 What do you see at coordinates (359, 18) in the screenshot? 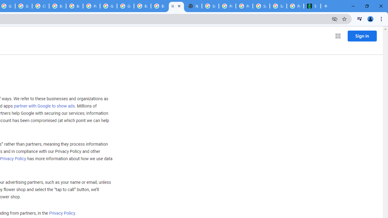
I see `'Control your music, videos, and more'` at bounding box center [359, 18].